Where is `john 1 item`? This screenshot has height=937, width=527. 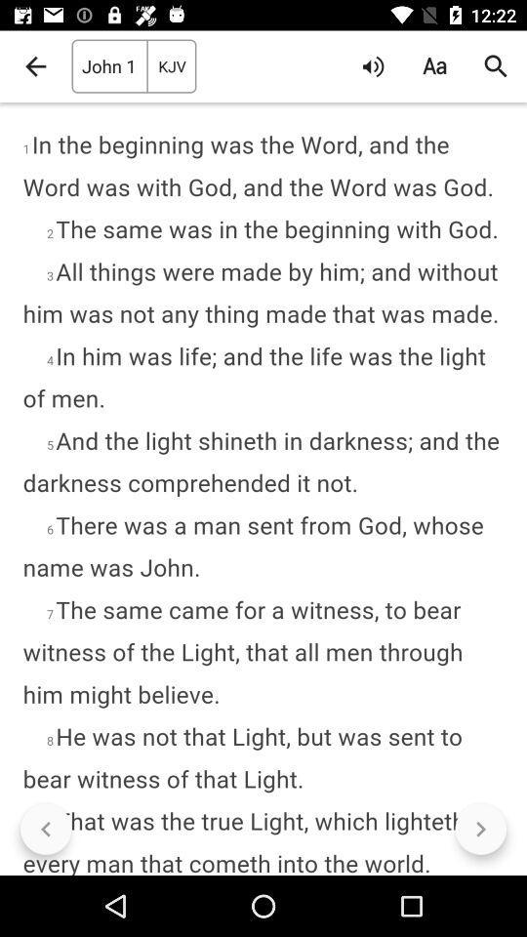 john 1 item is located at coordinates (108, 66).